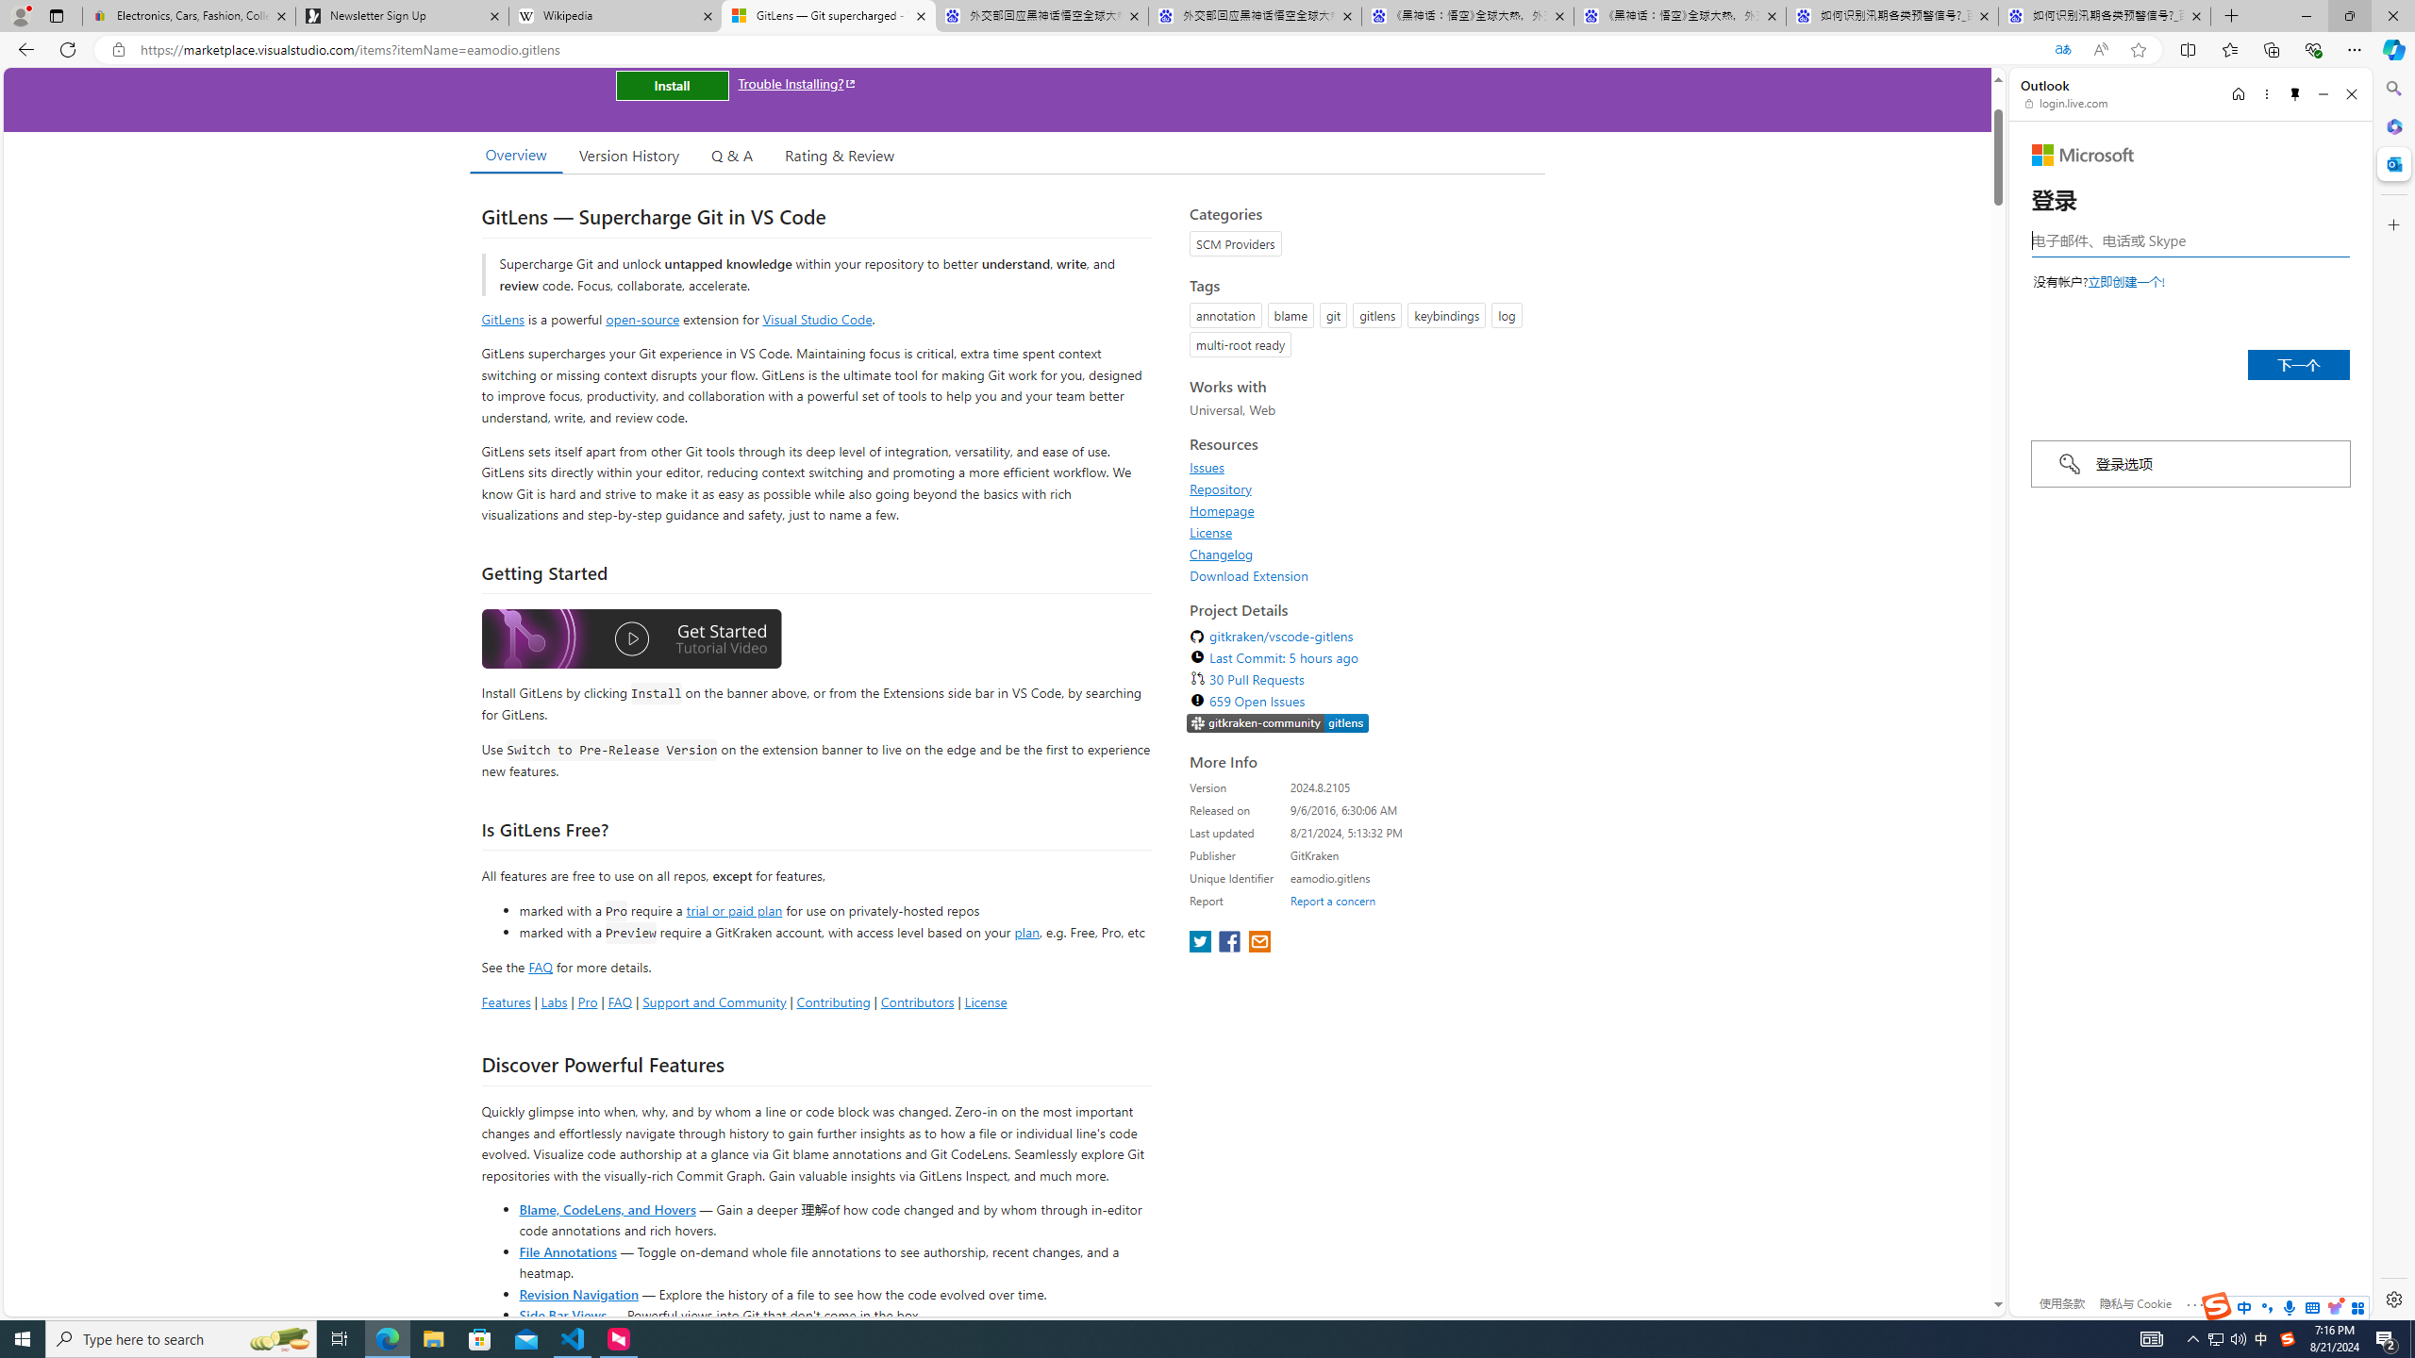 This screenshot has width=2415, height=1358. Describe the element at coordinates (577, 1293) in the screenshot. I see `'Revision Navigation'` at that location.